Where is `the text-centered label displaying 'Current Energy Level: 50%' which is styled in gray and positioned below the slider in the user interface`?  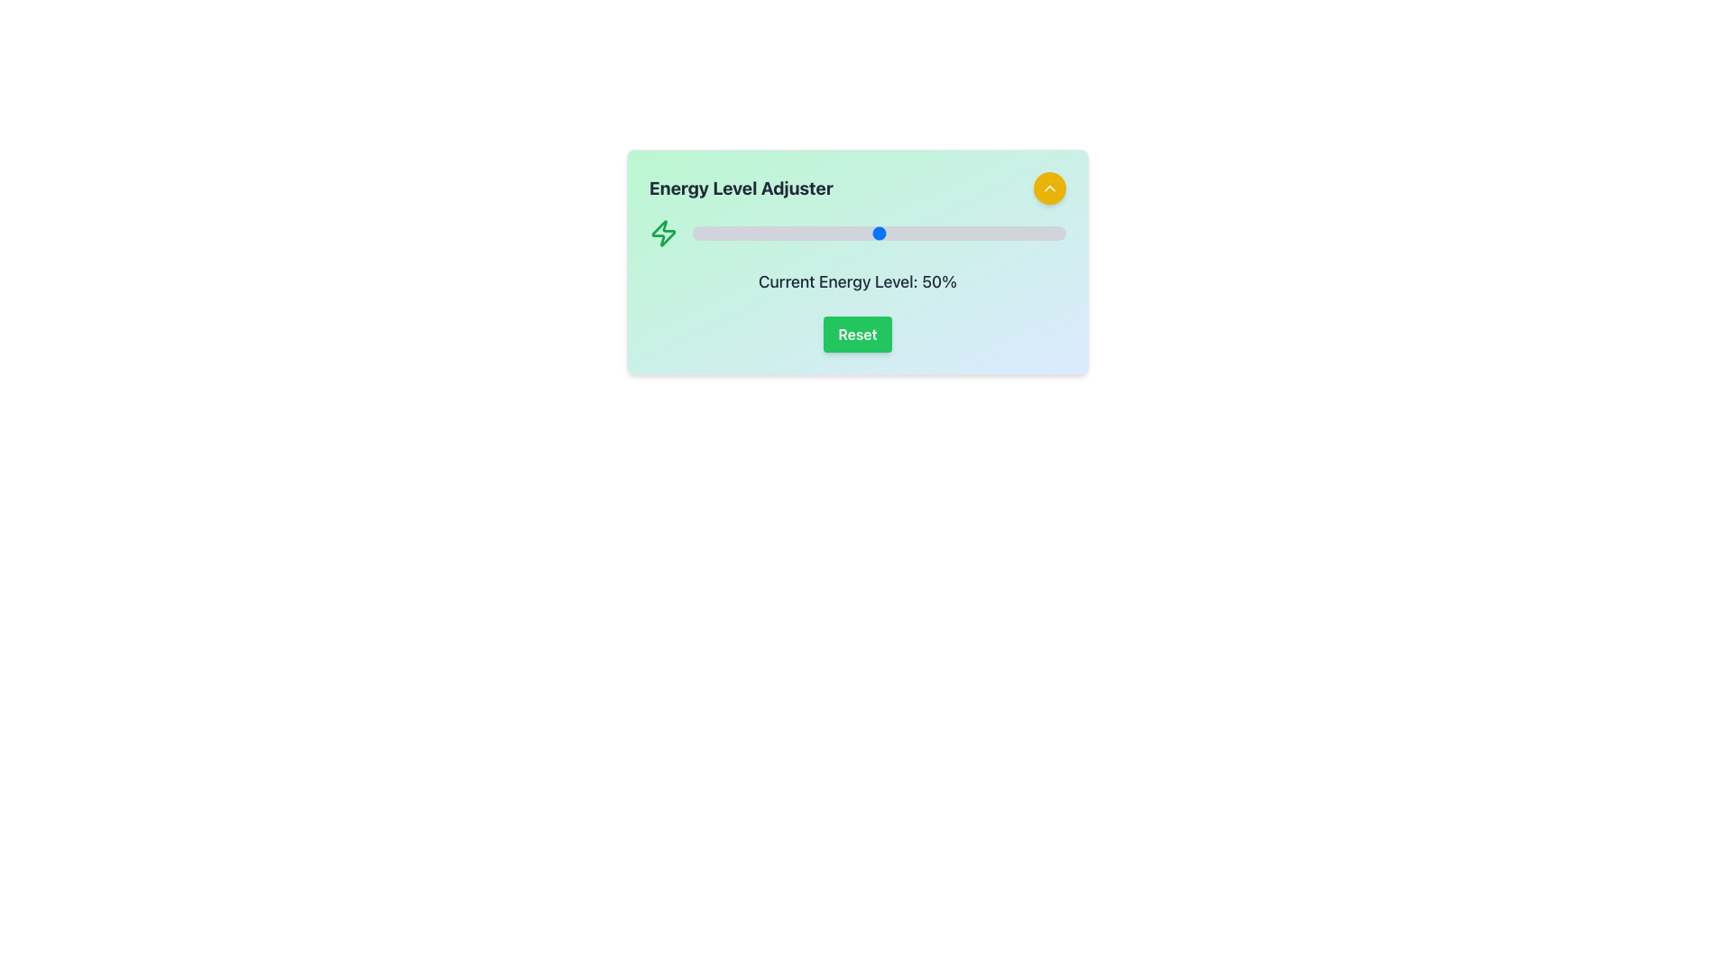 the text-centered label displaying 'Current Energy Level: 50%' which is styled in gray and positioned below the slider in the user interface is located at coordinates (856, 281).